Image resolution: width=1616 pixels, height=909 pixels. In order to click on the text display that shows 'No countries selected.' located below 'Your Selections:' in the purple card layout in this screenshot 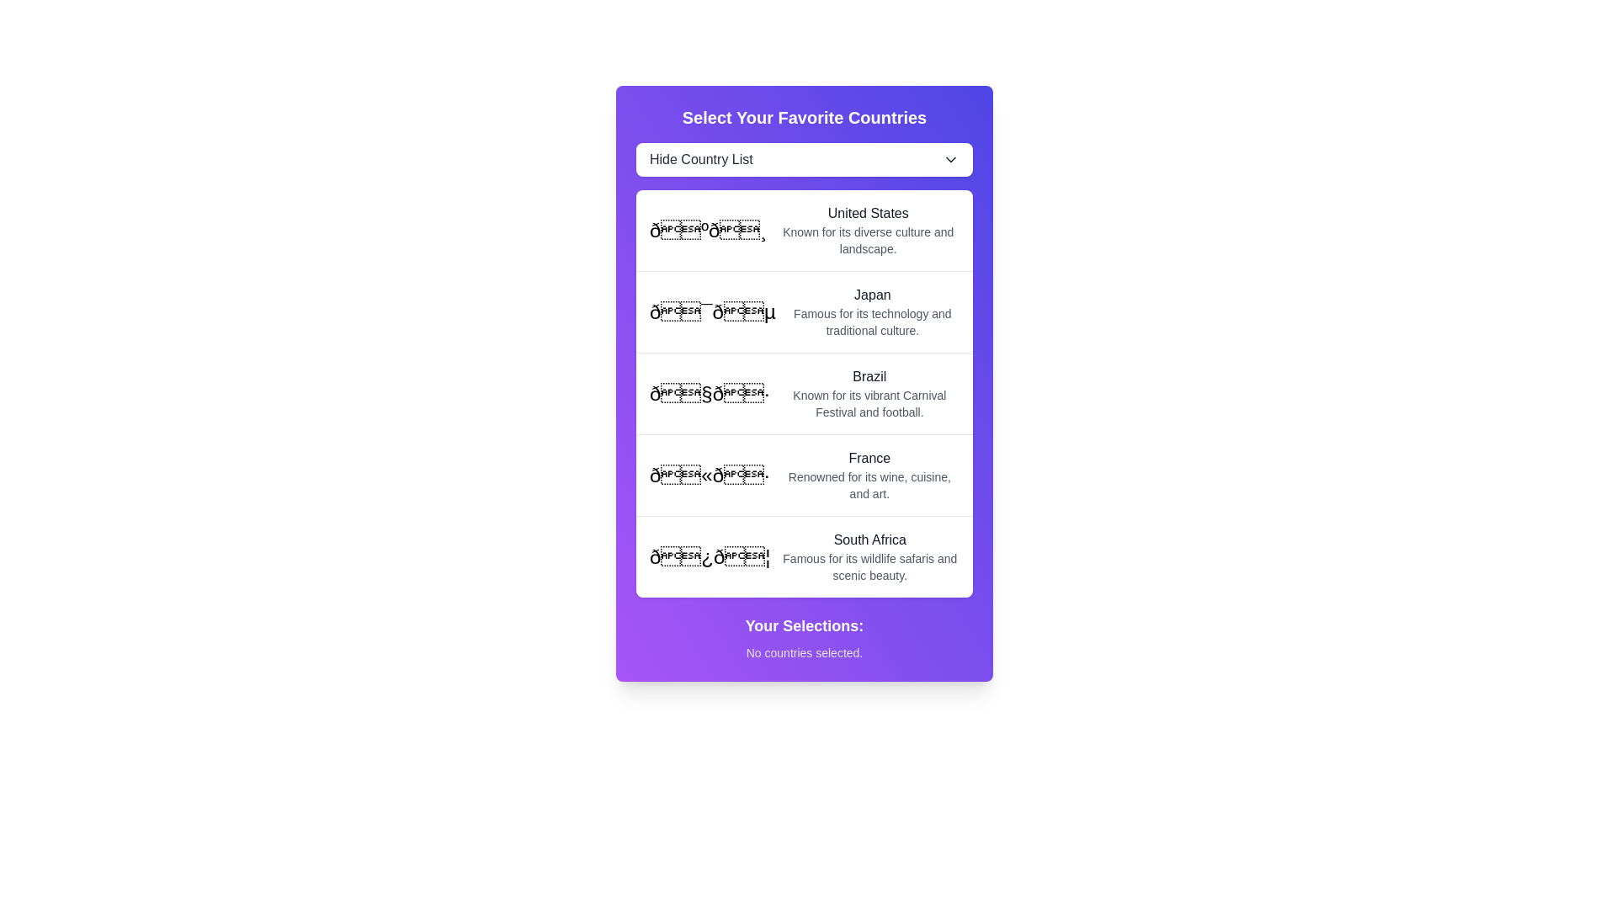, I will do `click(803, 651)`.